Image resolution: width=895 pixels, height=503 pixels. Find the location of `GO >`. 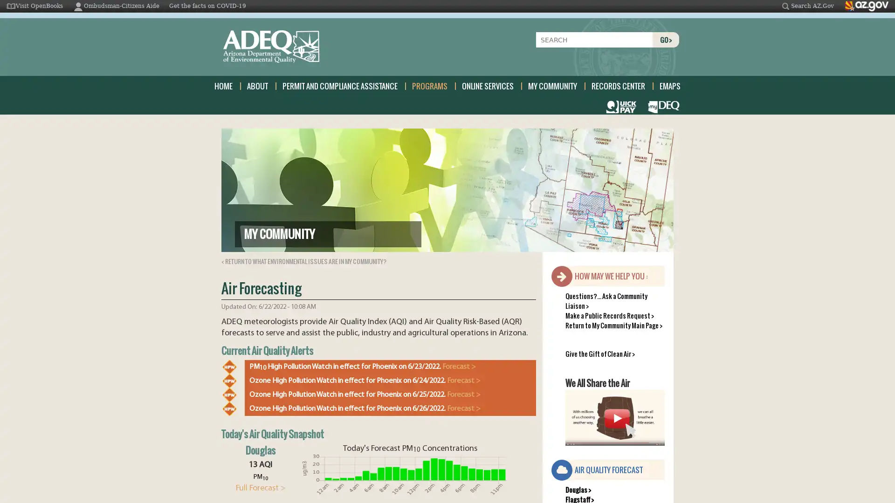

GO > is located at coordinates (665, 39).